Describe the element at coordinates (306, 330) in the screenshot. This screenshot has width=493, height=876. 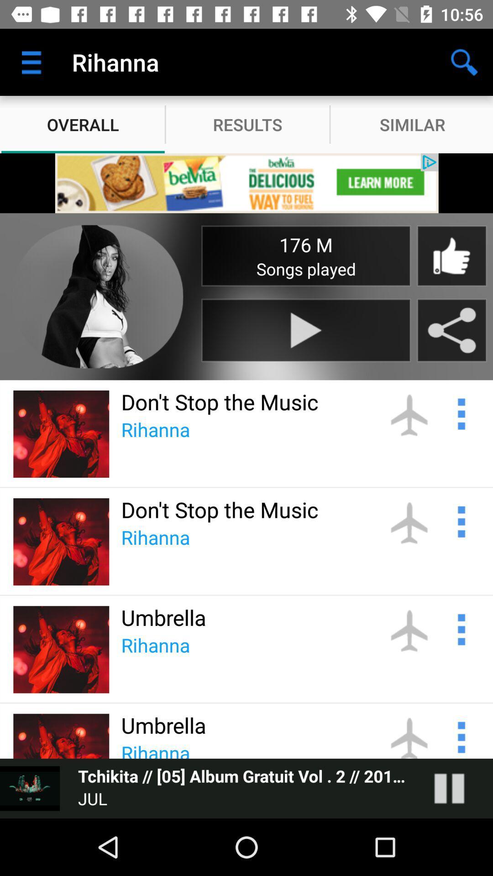
I see `start the music` at that location.